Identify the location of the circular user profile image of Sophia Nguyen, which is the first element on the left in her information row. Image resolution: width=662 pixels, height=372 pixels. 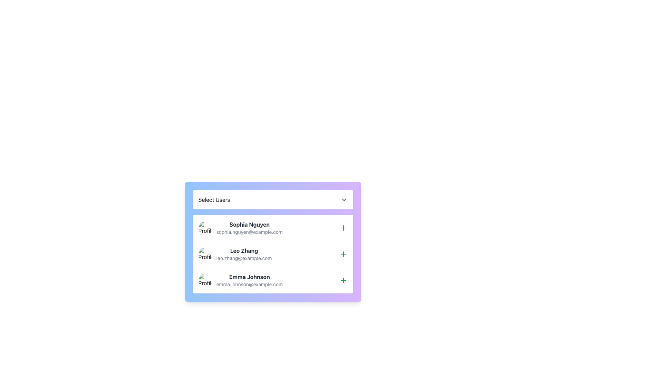
(205, 228).